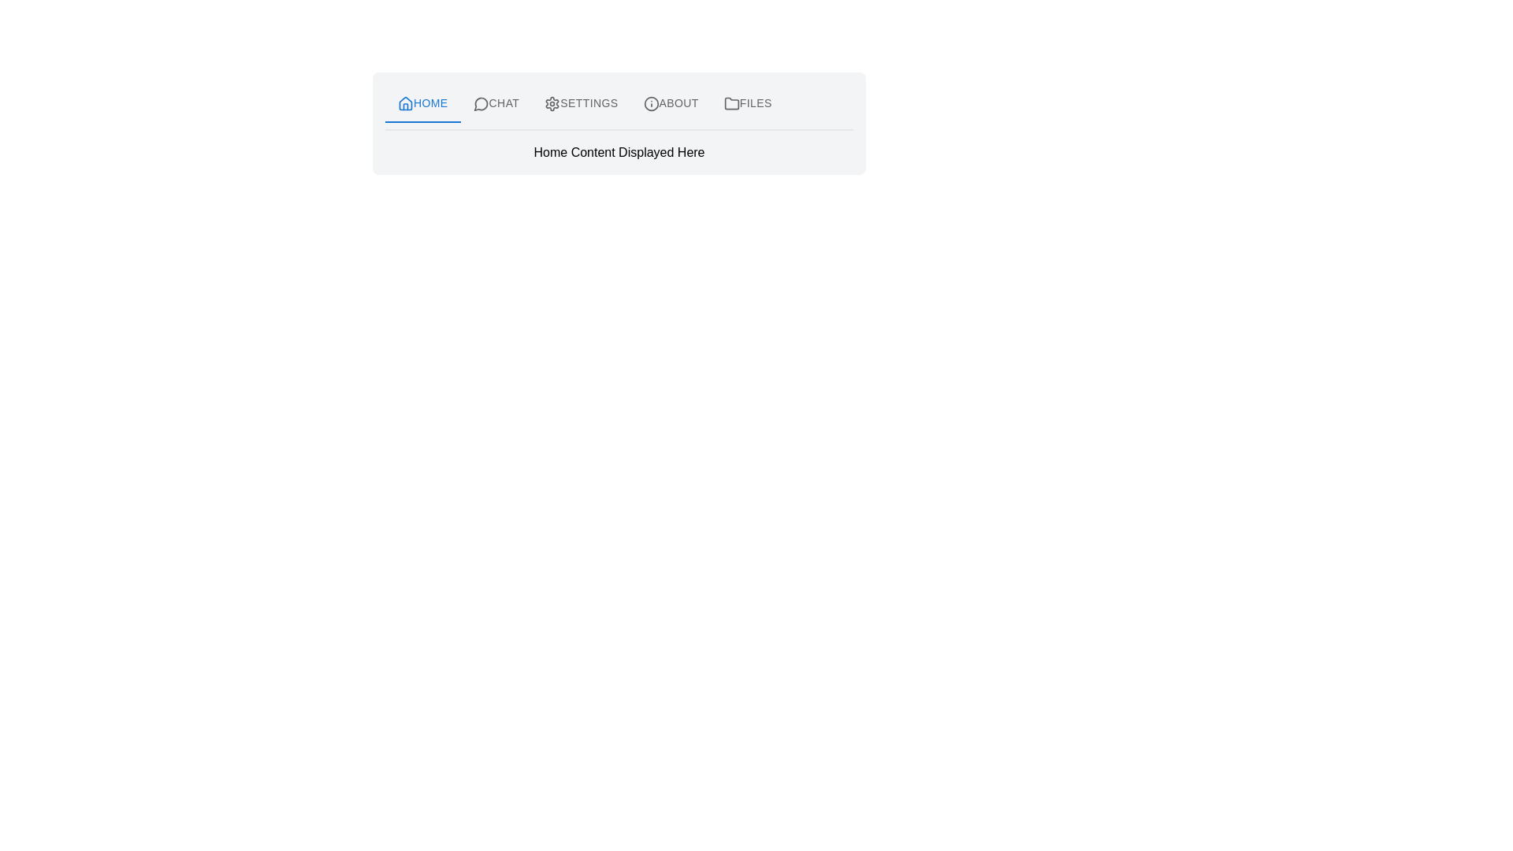  What do you see at coordinates (651, 103) in the screenshot?
I see `the informational icon located in the navigation bar next to the 'About' text` at bounding box center [651, 103].